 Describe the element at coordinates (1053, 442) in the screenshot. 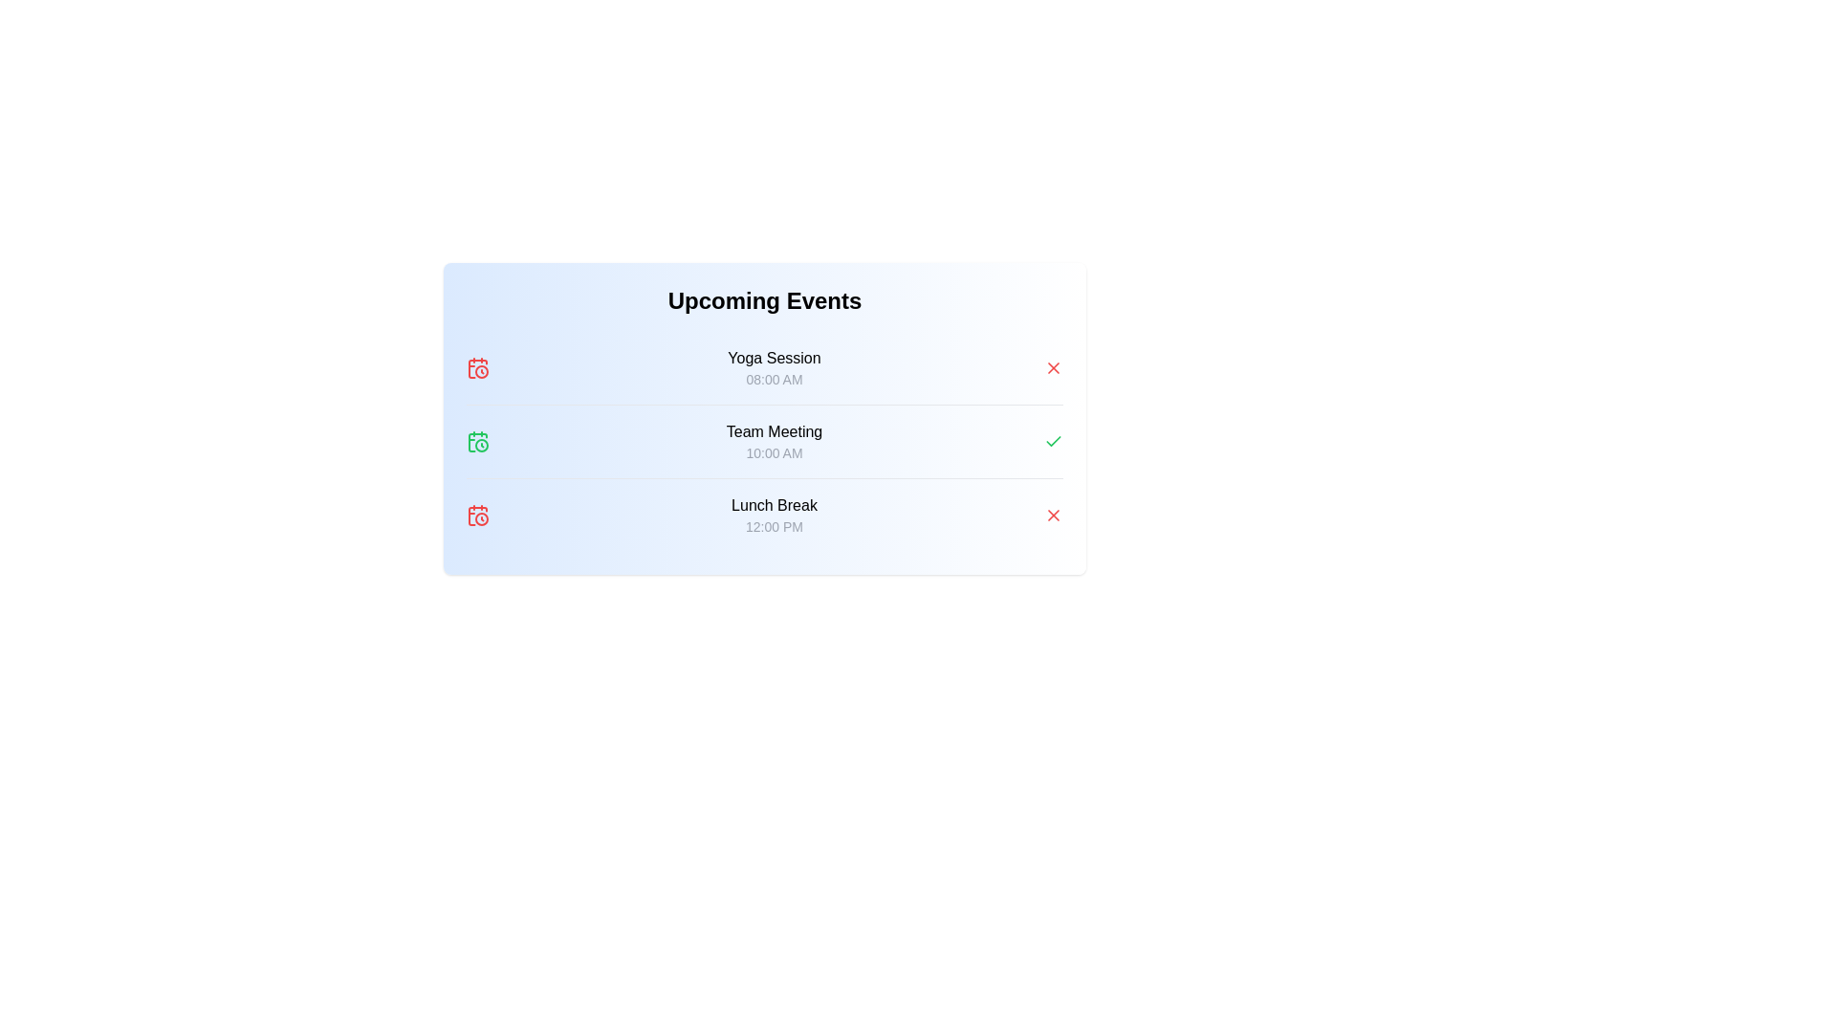

I see `green checkmark icon indicating a completed state within the 'Team Meeting' entry of the 'Upcoming Events' list, located to the right of '10:00 AM'` at that location.